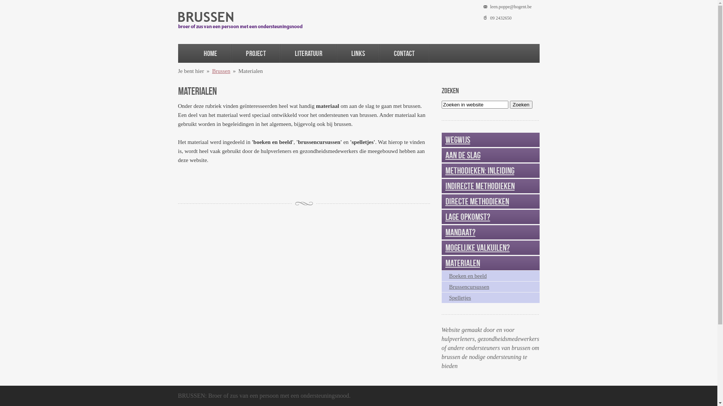 This screenshot has height=406, width=723. I want to click on 'Methodieken: inleiding', so click(445, 171).